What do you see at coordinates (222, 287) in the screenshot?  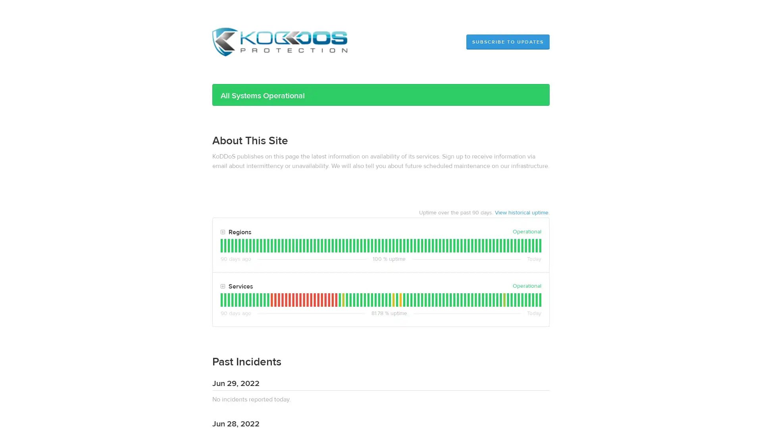 I see `Toggle Services` at bounding box center [222, 287].